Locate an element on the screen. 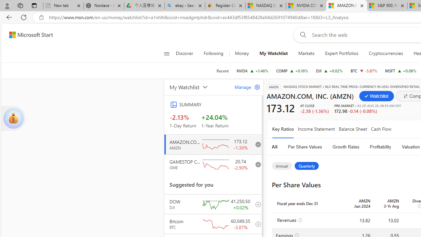 Image resolution: width=421 pixels, height=237 pixels. 'Class: button-glyph' is located at coordinates (166, 53).